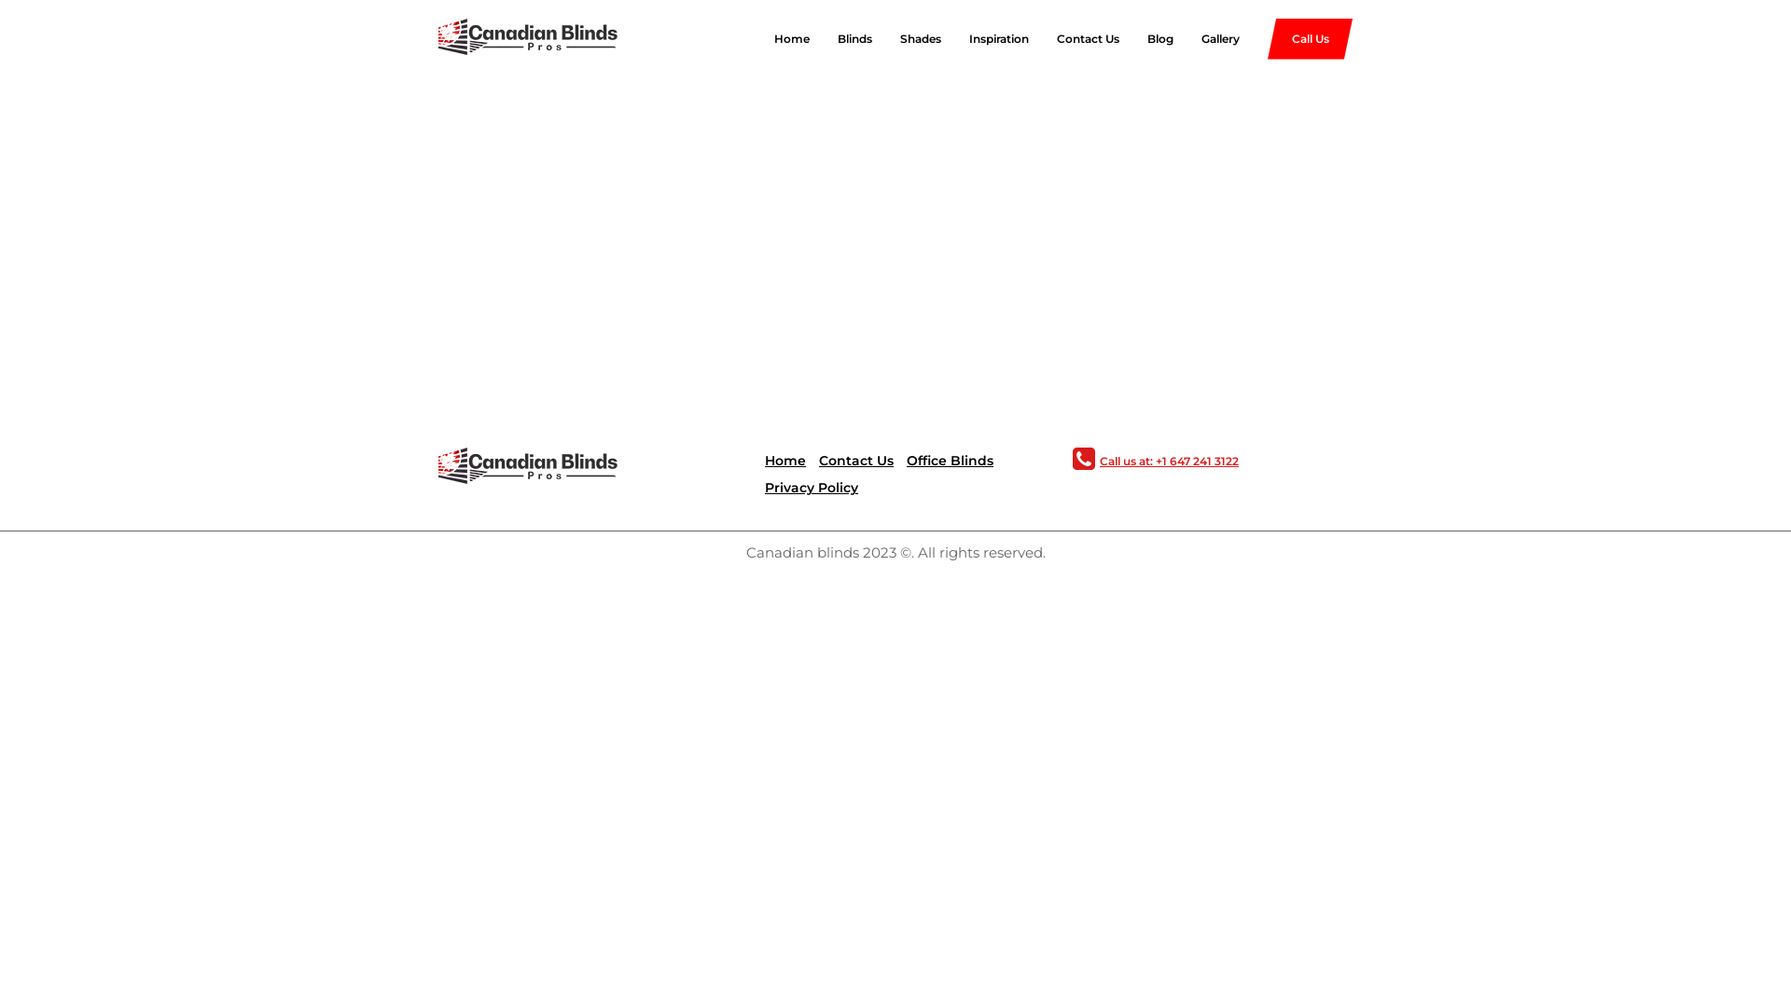 The height and width of the screenshot is (1007, 1791). I want to click on 'Gallery', so click(1206, 39).